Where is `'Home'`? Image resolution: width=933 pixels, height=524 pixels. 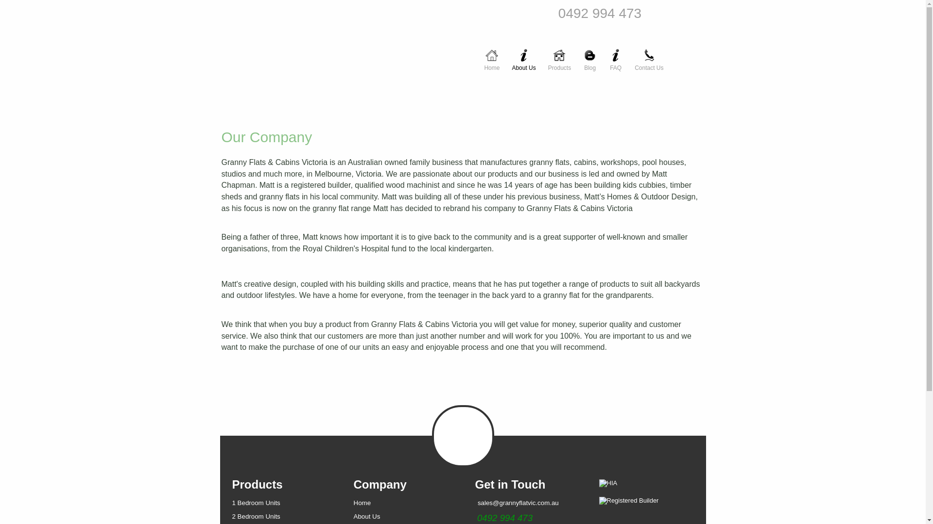 'Home' is located at coordinates (492, 54).